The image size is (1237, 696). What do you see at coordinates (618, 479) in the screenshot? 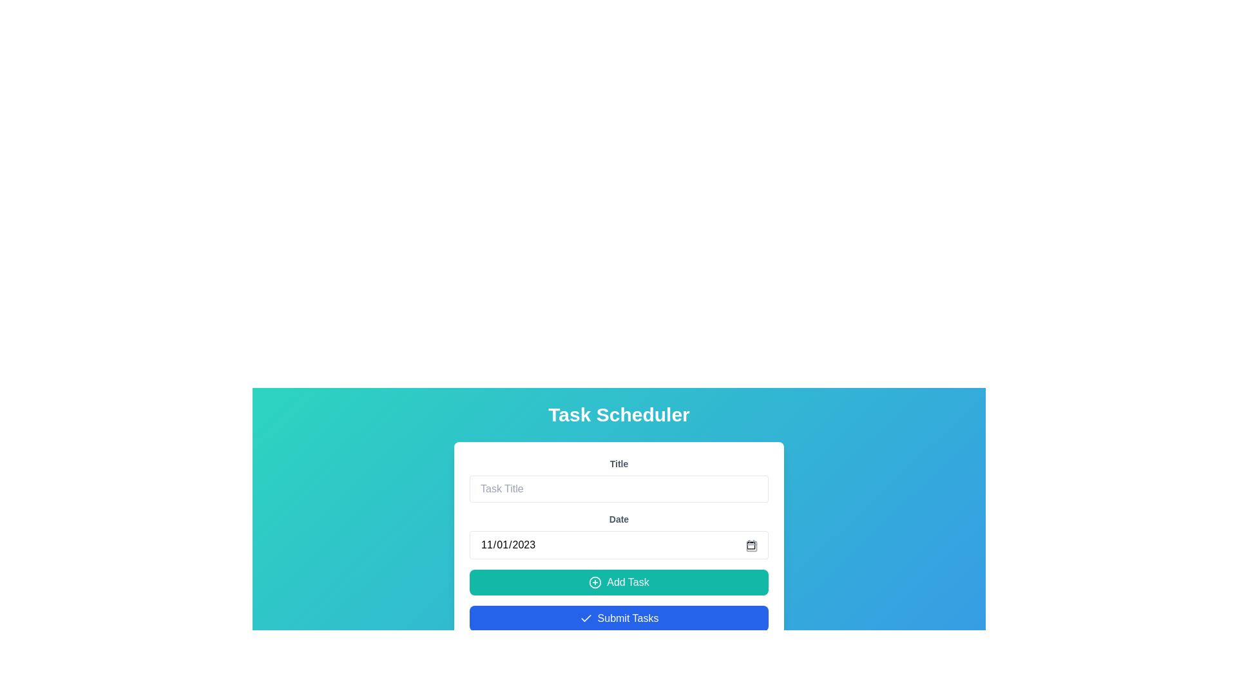
I see `the labeled input field for entering a task title by tabbing to it, located above the 'Date' section with the label 'Title'` at bounding box center [618, 479].